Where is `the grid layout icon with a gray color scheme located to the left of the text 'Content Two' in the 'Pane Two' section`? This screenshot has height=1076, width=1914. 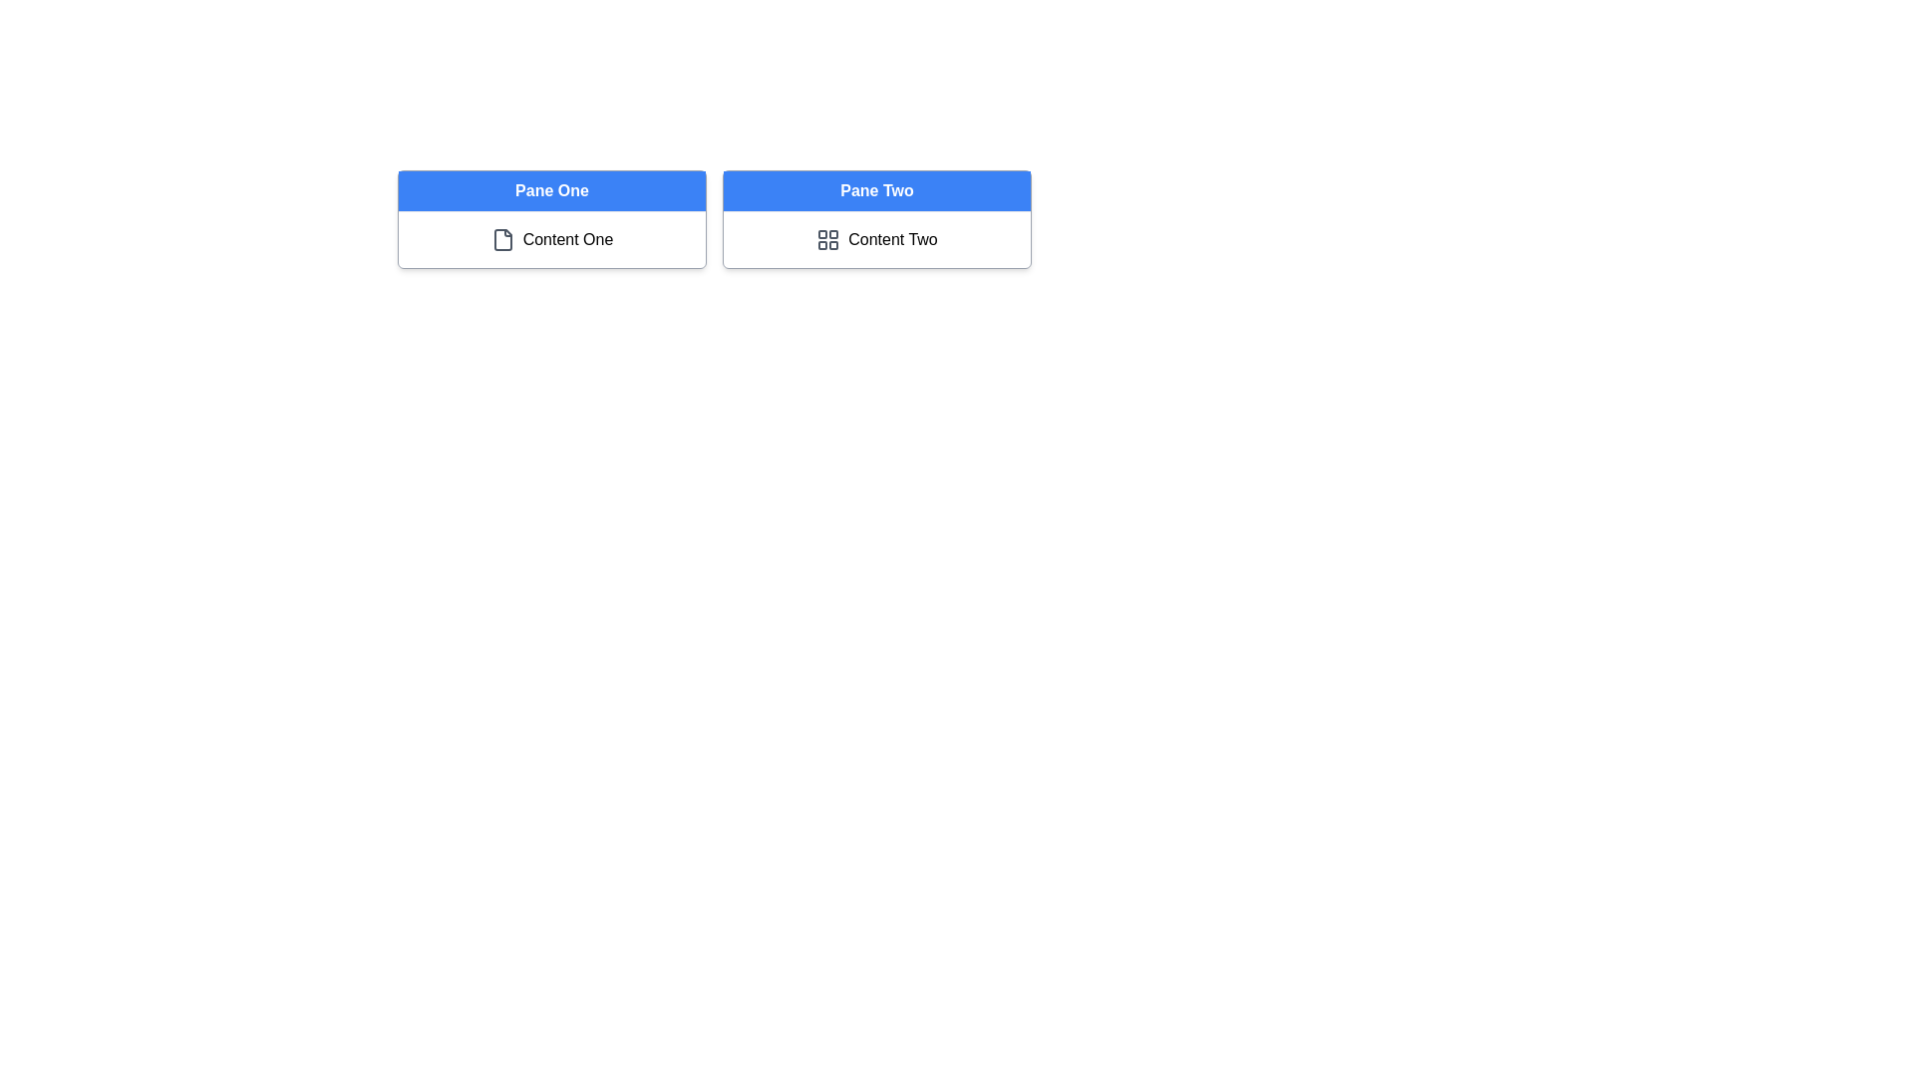 the grid layout icon with a gray color scheme located to the left of the text 'Content Two' in the 'Pane Two' section is located at coordinates (828, 238).